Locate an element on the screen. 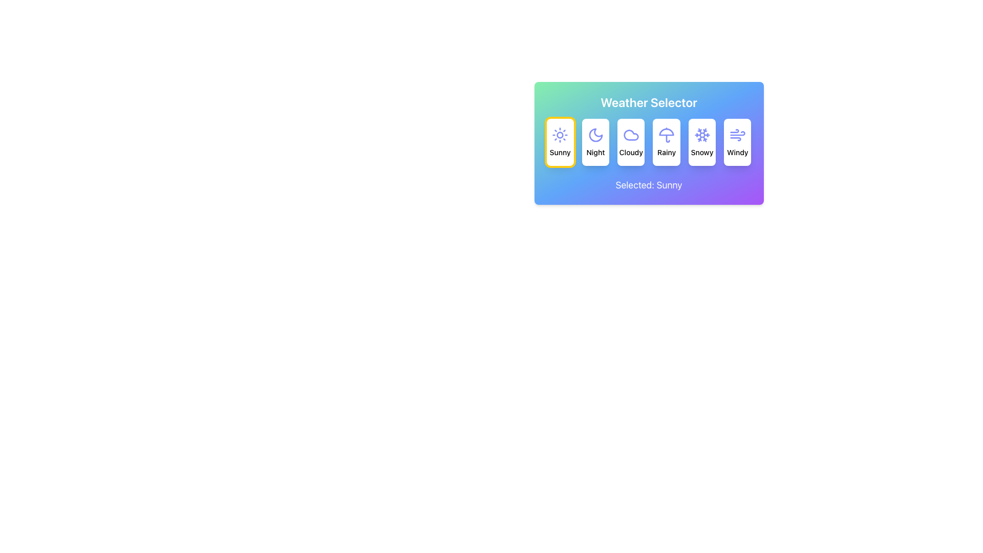 This screenshot has width=983, height=553. the 'Windy' weather condition icon, which is centrally positioned above the 'Windy' label in the last option of the weather selector, to trigger a tooltip is located at coordinates (737, 134).